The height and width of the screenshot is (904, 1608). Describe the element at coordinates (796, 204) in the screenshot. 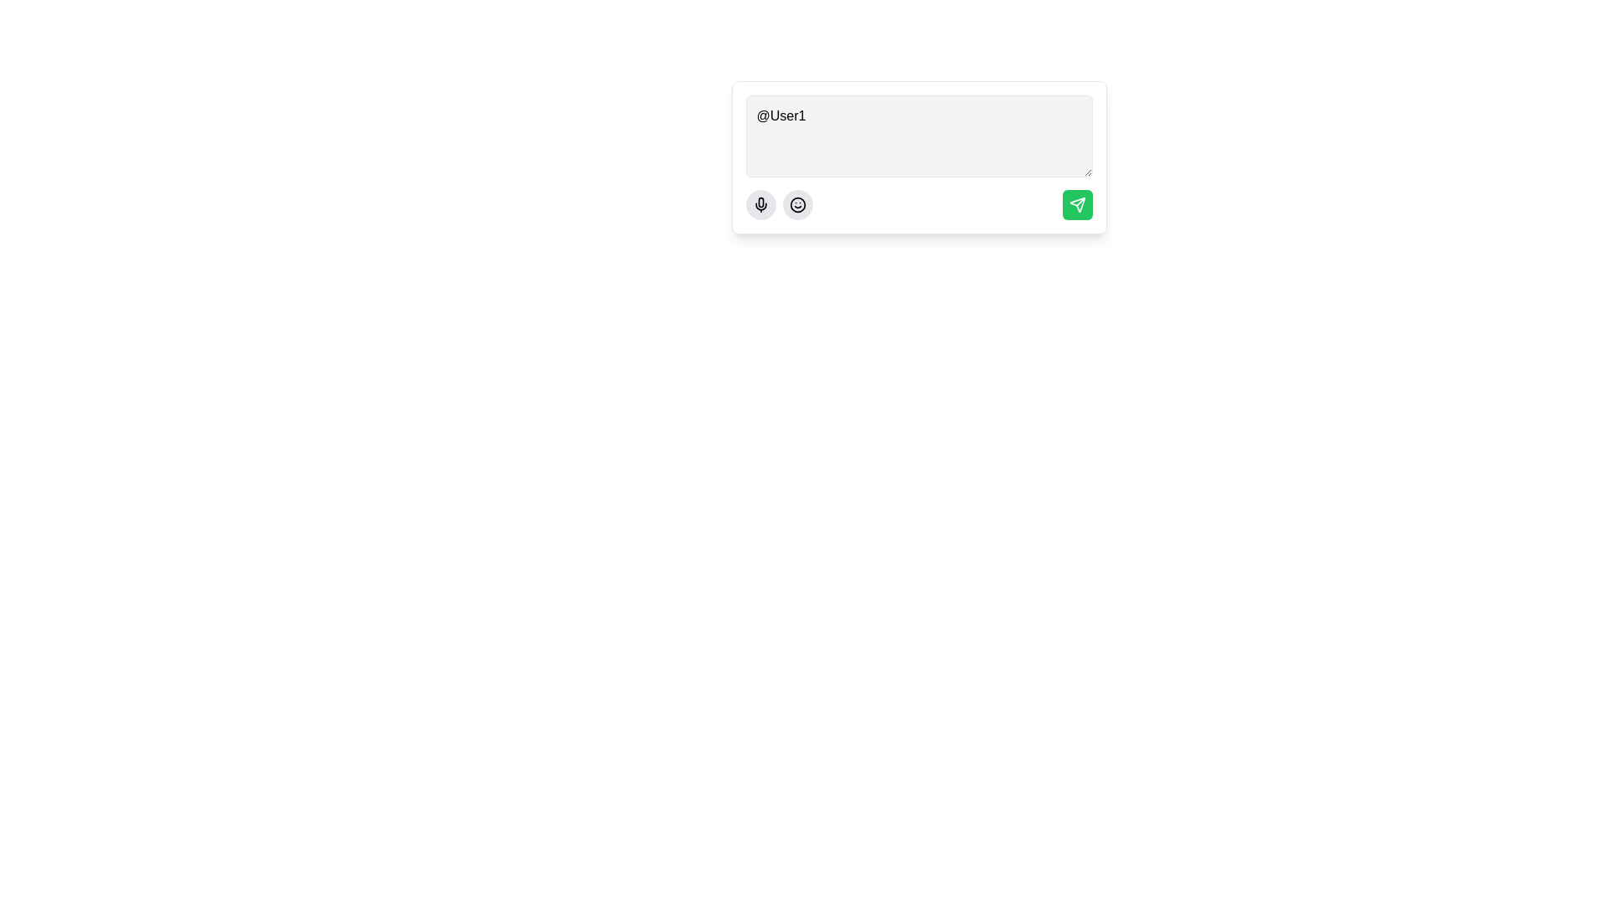

I see `the main circular outline of the smiley icon located to the left of the input text area within the chat interface, which serves as a visual indicator of emotions` at that location.